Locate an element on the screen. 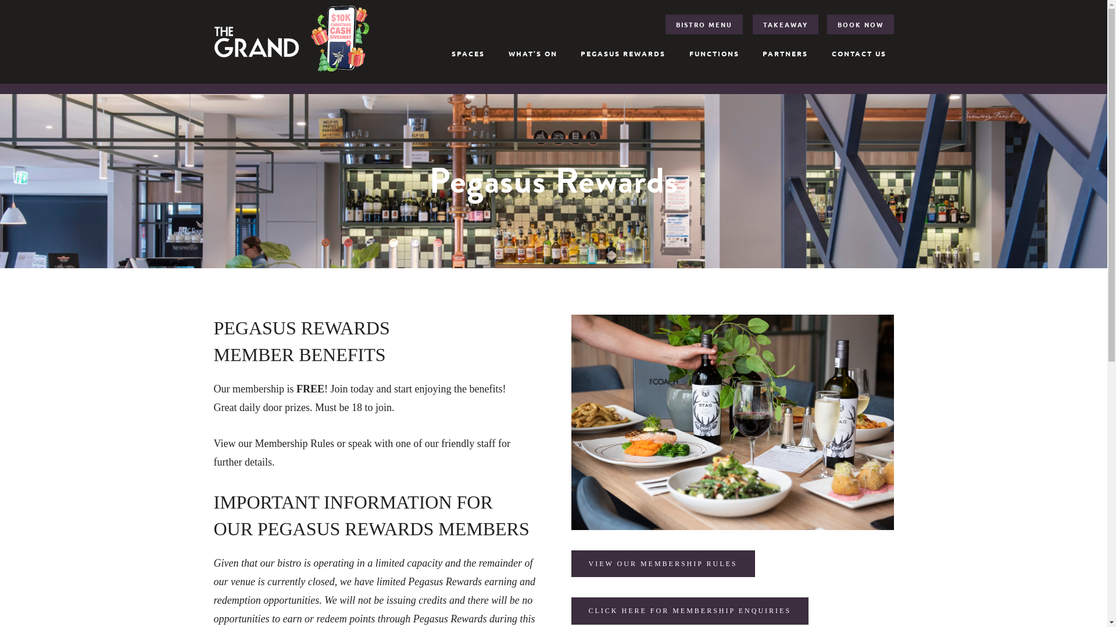 The width and height of the screenshot is (1116, 627). 'SPACES' is located at coordinates (468, 53).